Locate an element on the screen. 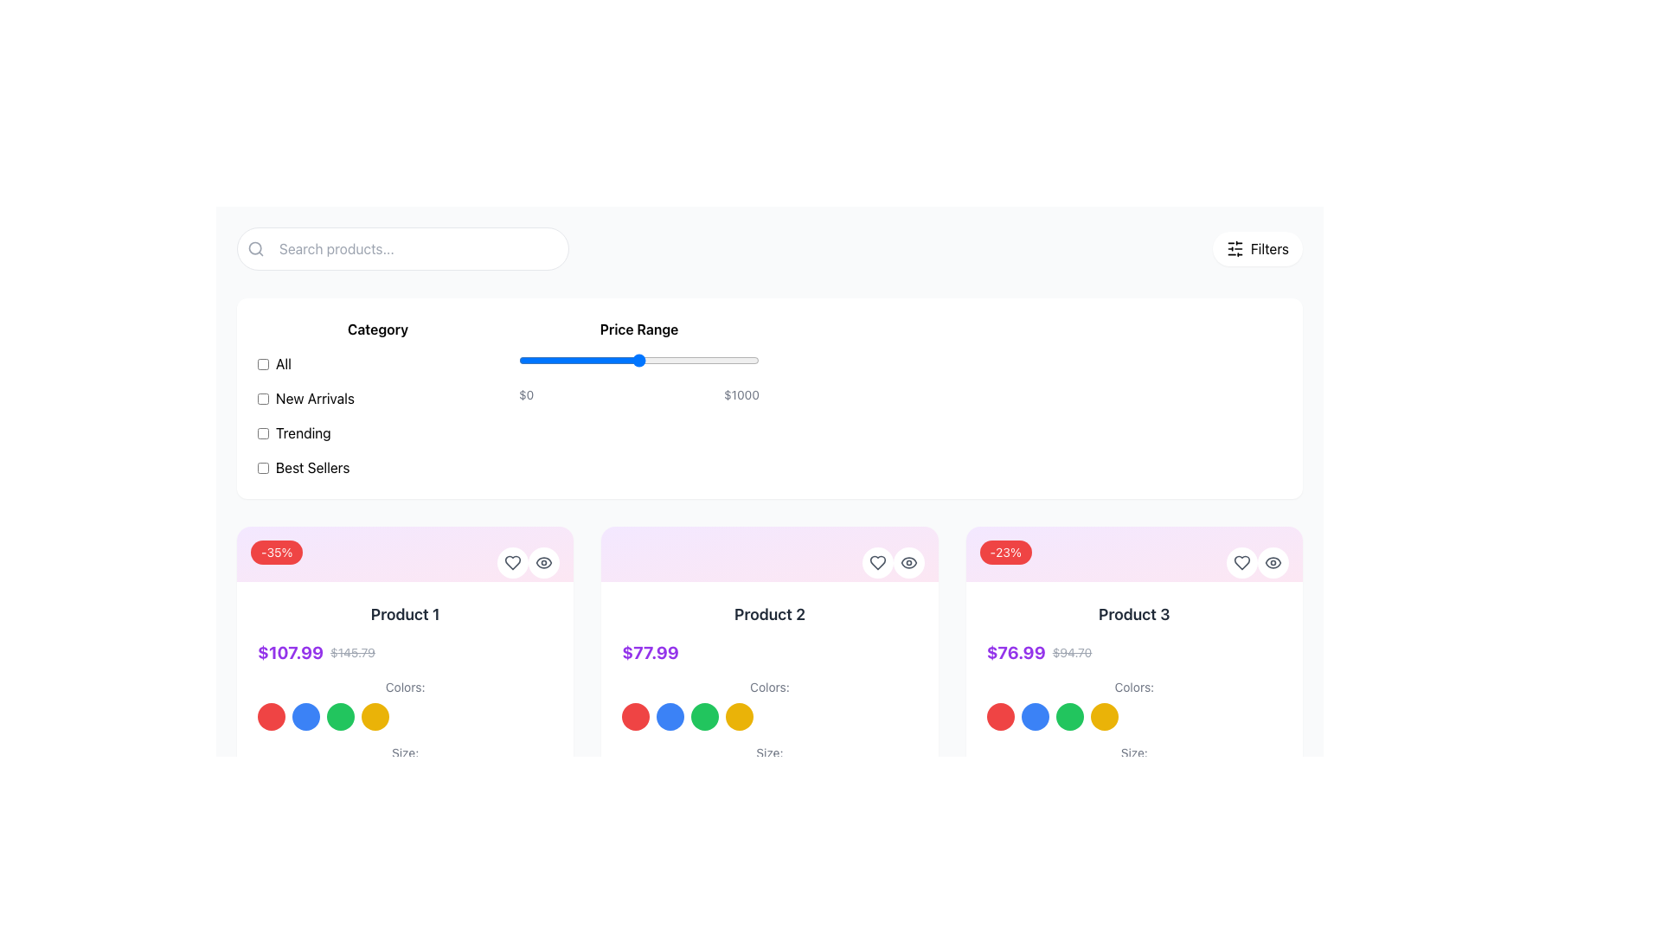 The image size is (1661, 934). the price range is located at coordinates (593, 359).